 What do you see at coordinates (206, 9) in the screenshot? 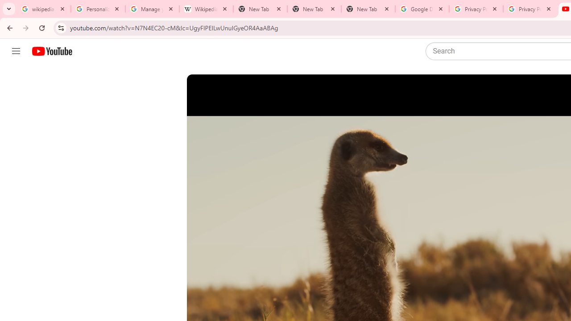
I see `'Wikipedia:Edit requests - Wikipedia'` at bounding box center [206, 9].